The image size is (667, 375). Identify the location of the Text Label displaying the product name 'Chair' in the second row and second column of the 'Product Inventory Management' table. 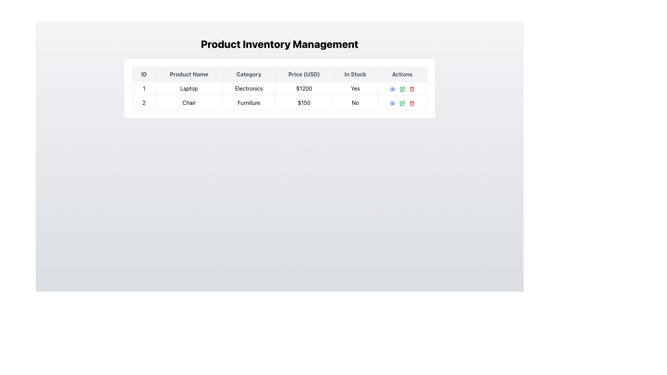
(189, 103).